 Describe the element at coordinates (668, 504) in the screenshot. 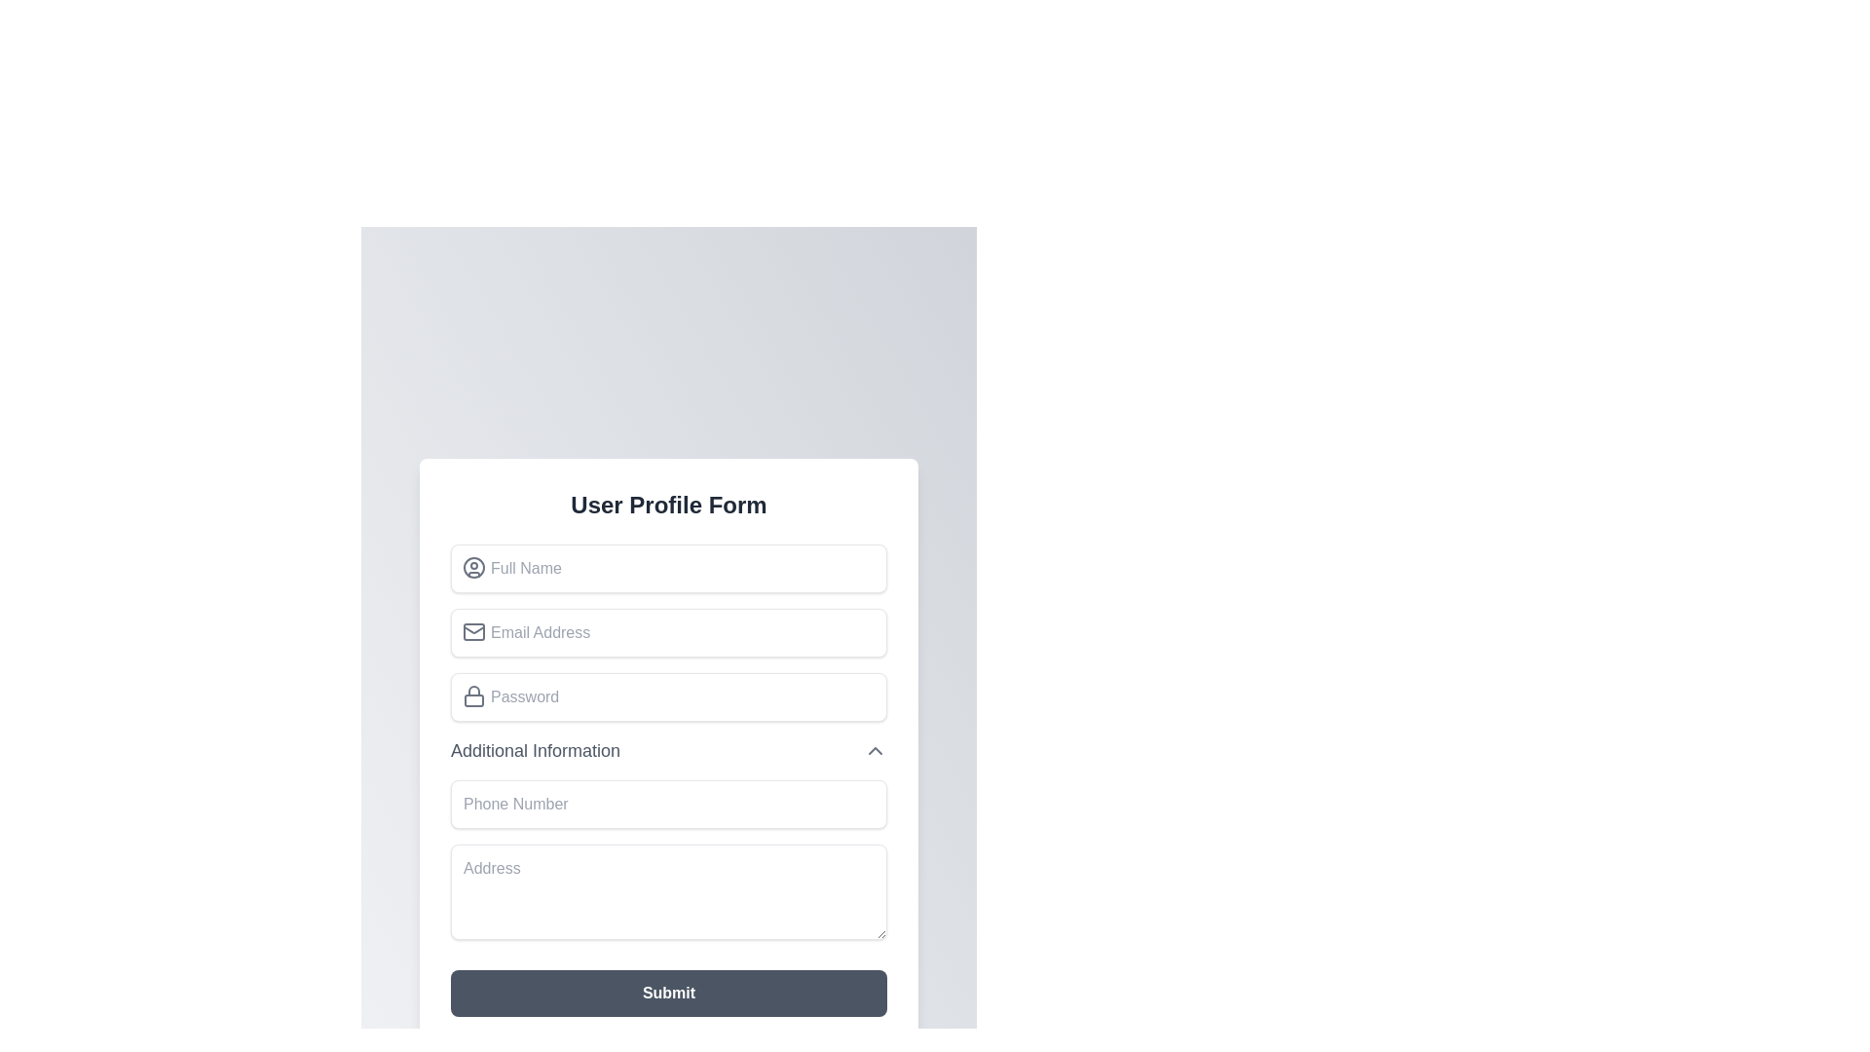

I see `the 'User Profile Form' text heading element, which is styled with bold, large font, center-aligned, and dark gray color, positioned at the top of the layout within a white card-like section` at that location.